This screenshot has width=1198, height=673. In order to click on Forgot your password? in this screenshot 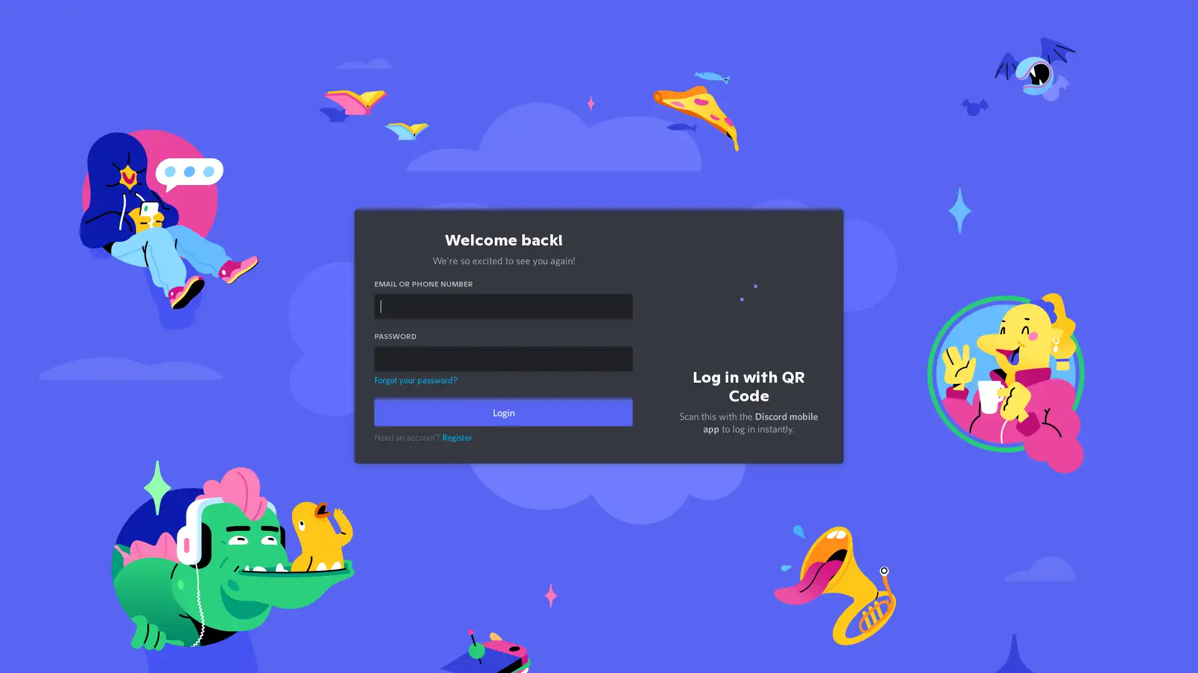, I will do `click(416, 379)`.